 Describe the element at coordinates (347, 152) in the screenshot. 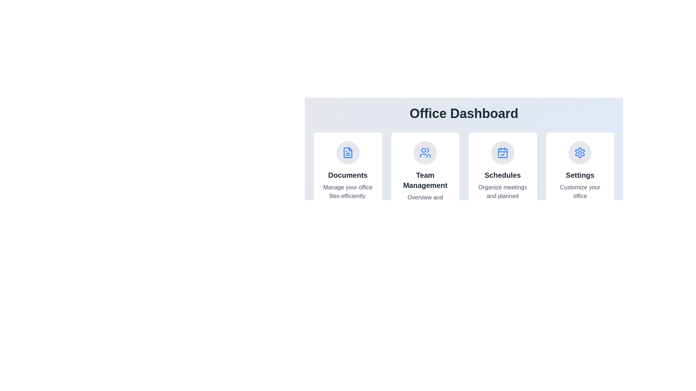

I see `the SVG Icon representing the 'Documents' section` at that location.